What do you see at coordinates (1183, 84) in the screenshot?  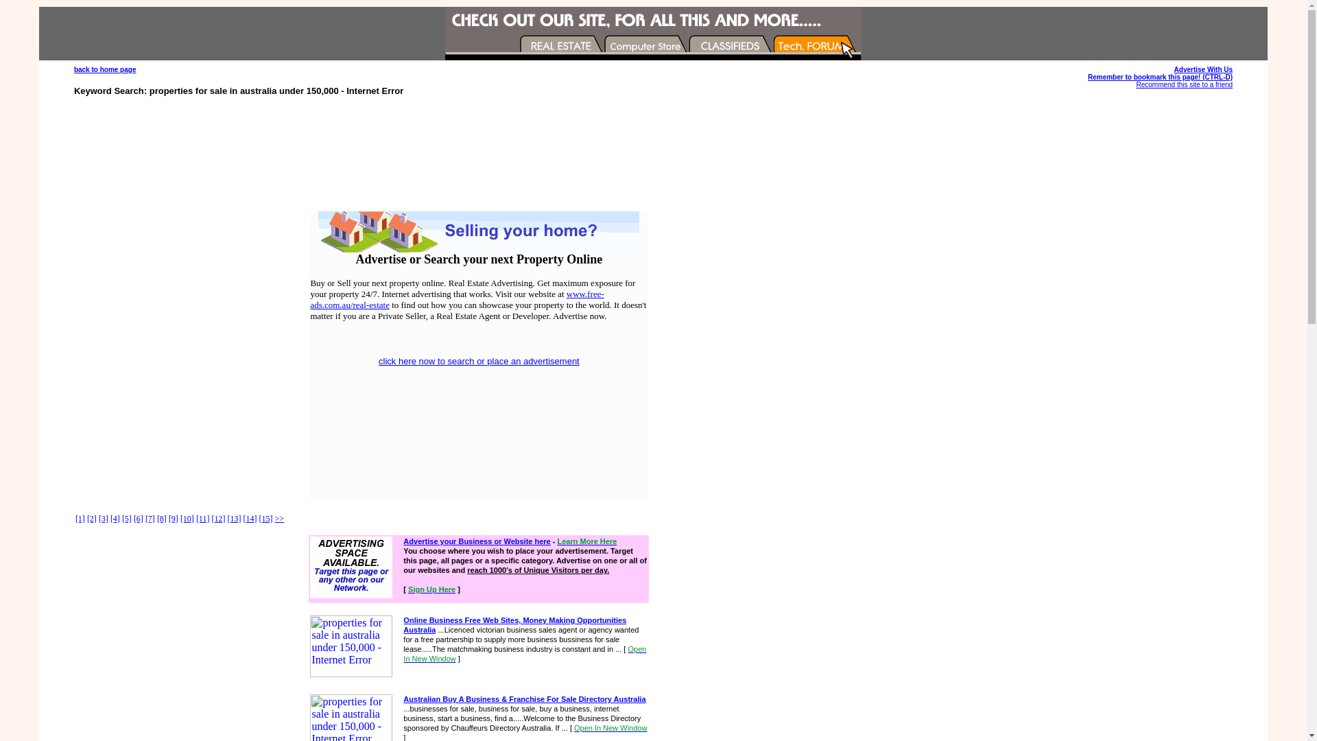 I see `'Recommend this site to a friend'` at bounding box center [1183, 84].